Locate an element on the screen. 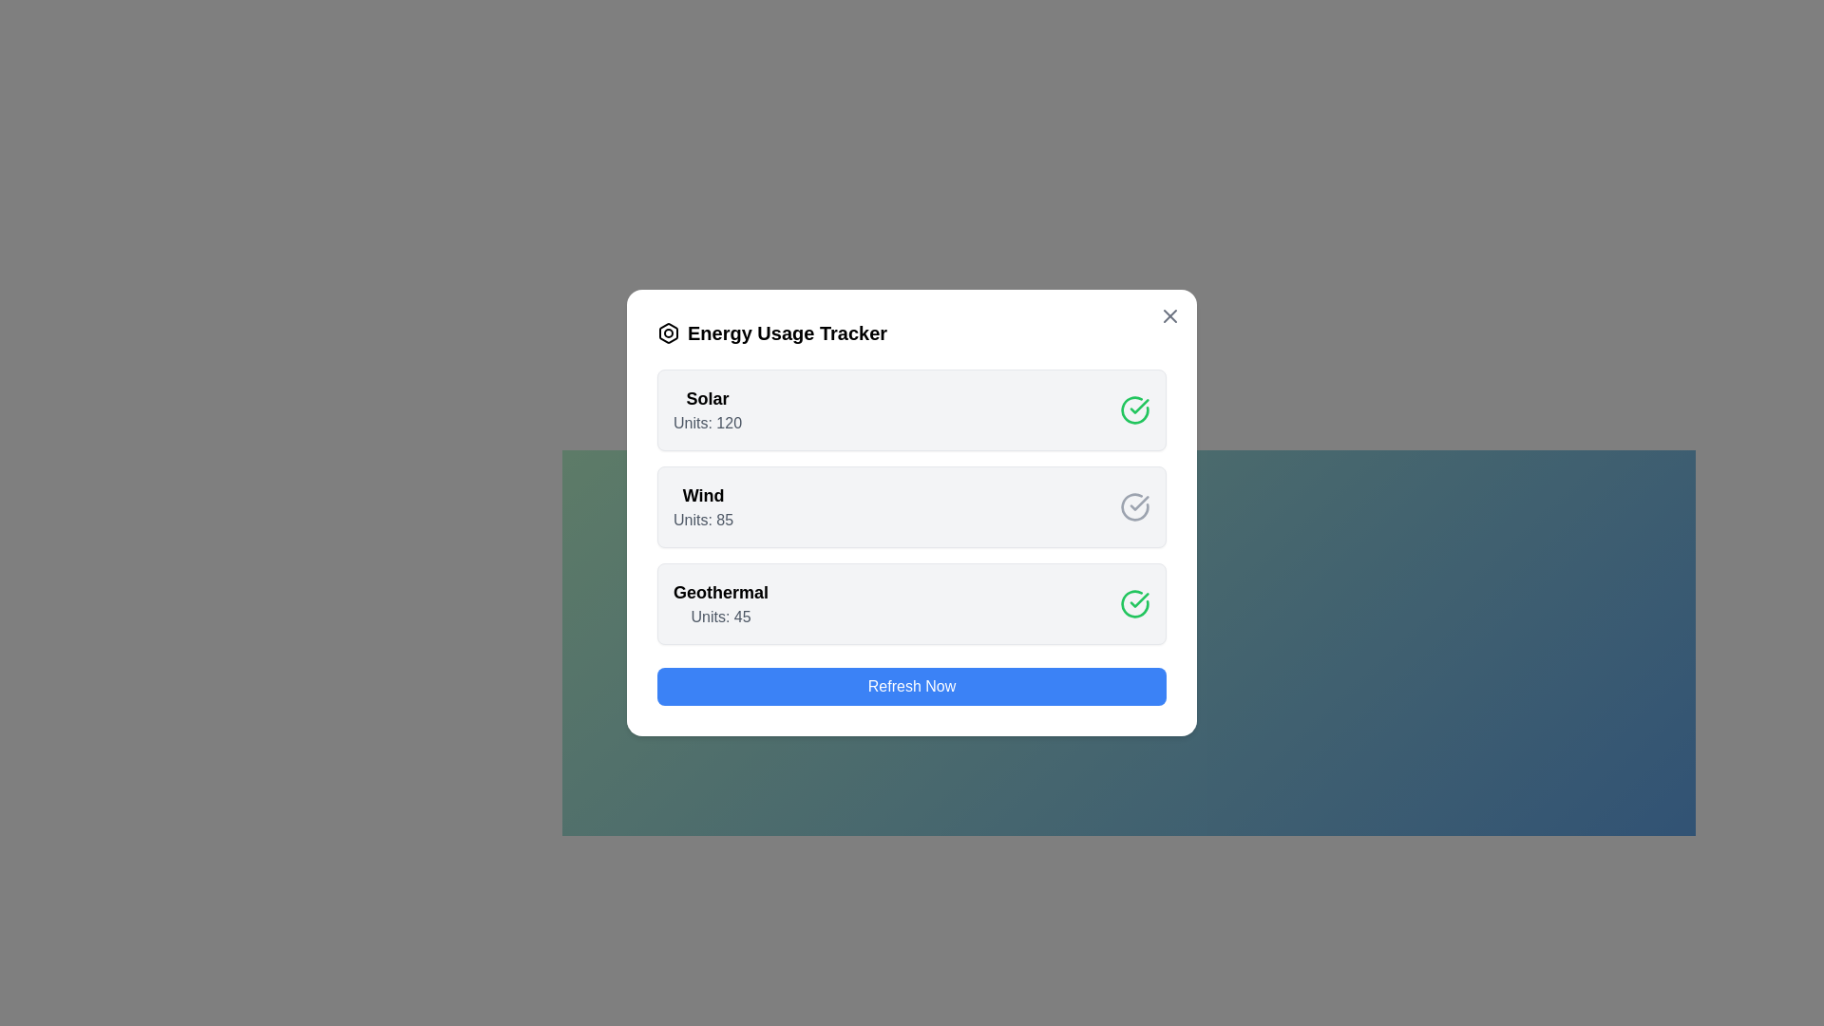  the close icon located at the top-right corner of the 'Energy Usage Tracker' dialog is located at coordinates (1169, 314).